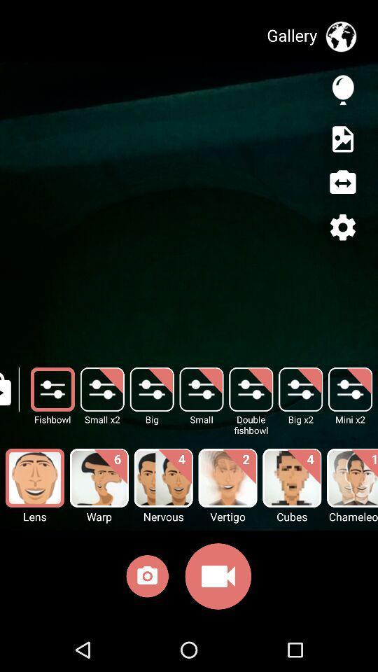 This screenshot has height=672, width=378. What do you see at coordinates (342, 182) in the screenshot?
I see `the swap icon` at bounding box center [342, 182].